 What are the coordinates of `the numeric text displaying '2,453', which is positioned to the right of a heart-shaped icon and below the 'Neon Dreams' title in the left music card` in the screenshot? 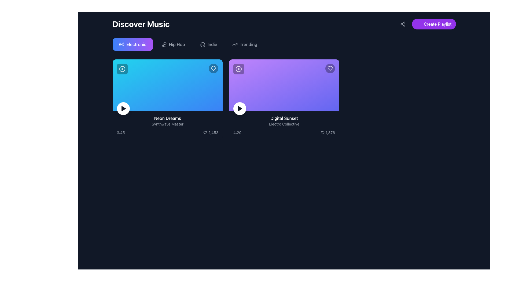 It's located at (213, 132).